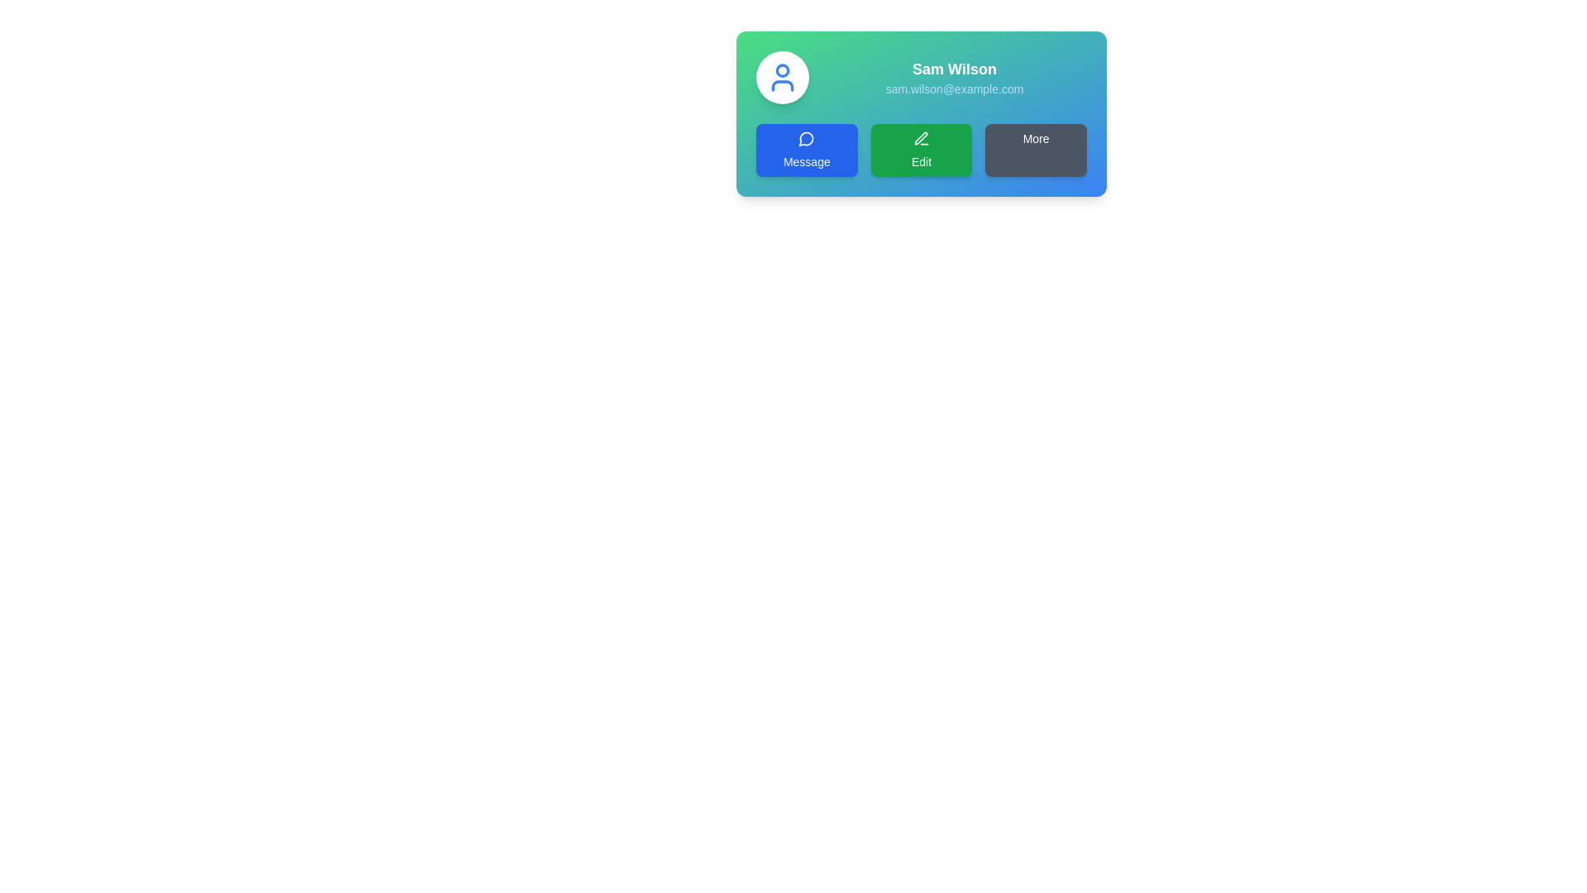 This screenshot has height=893, width=1587. I want to click on the circular messaging icon represented as an outlined speech bubble, located within the 'Message' button on the leftmost side of the button row, so click(807, 138).